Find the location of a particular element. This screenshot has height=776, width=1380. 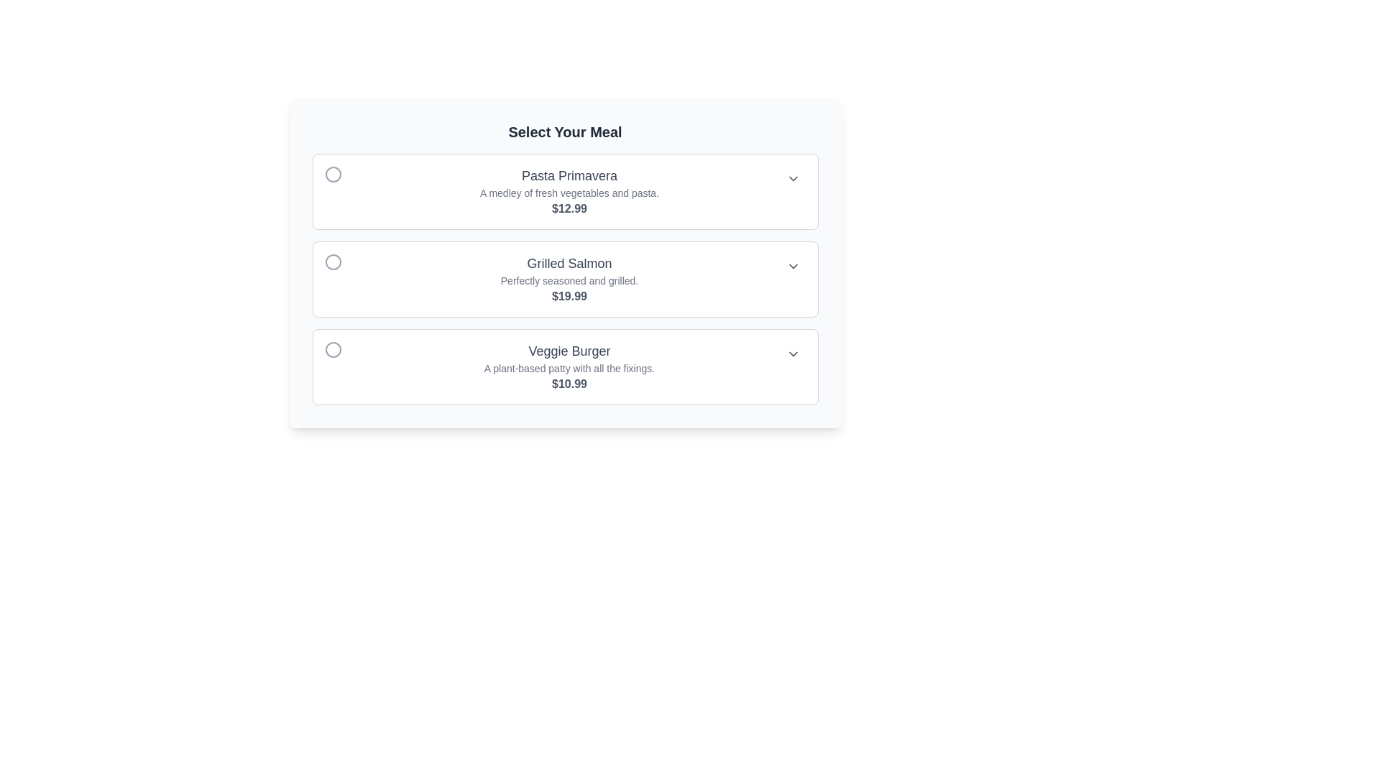

the circular icon for the 'Veggie Burger' option, which is part of a radio button UI component located towards the left of the descriptive text is located at coordinates (332, 349).